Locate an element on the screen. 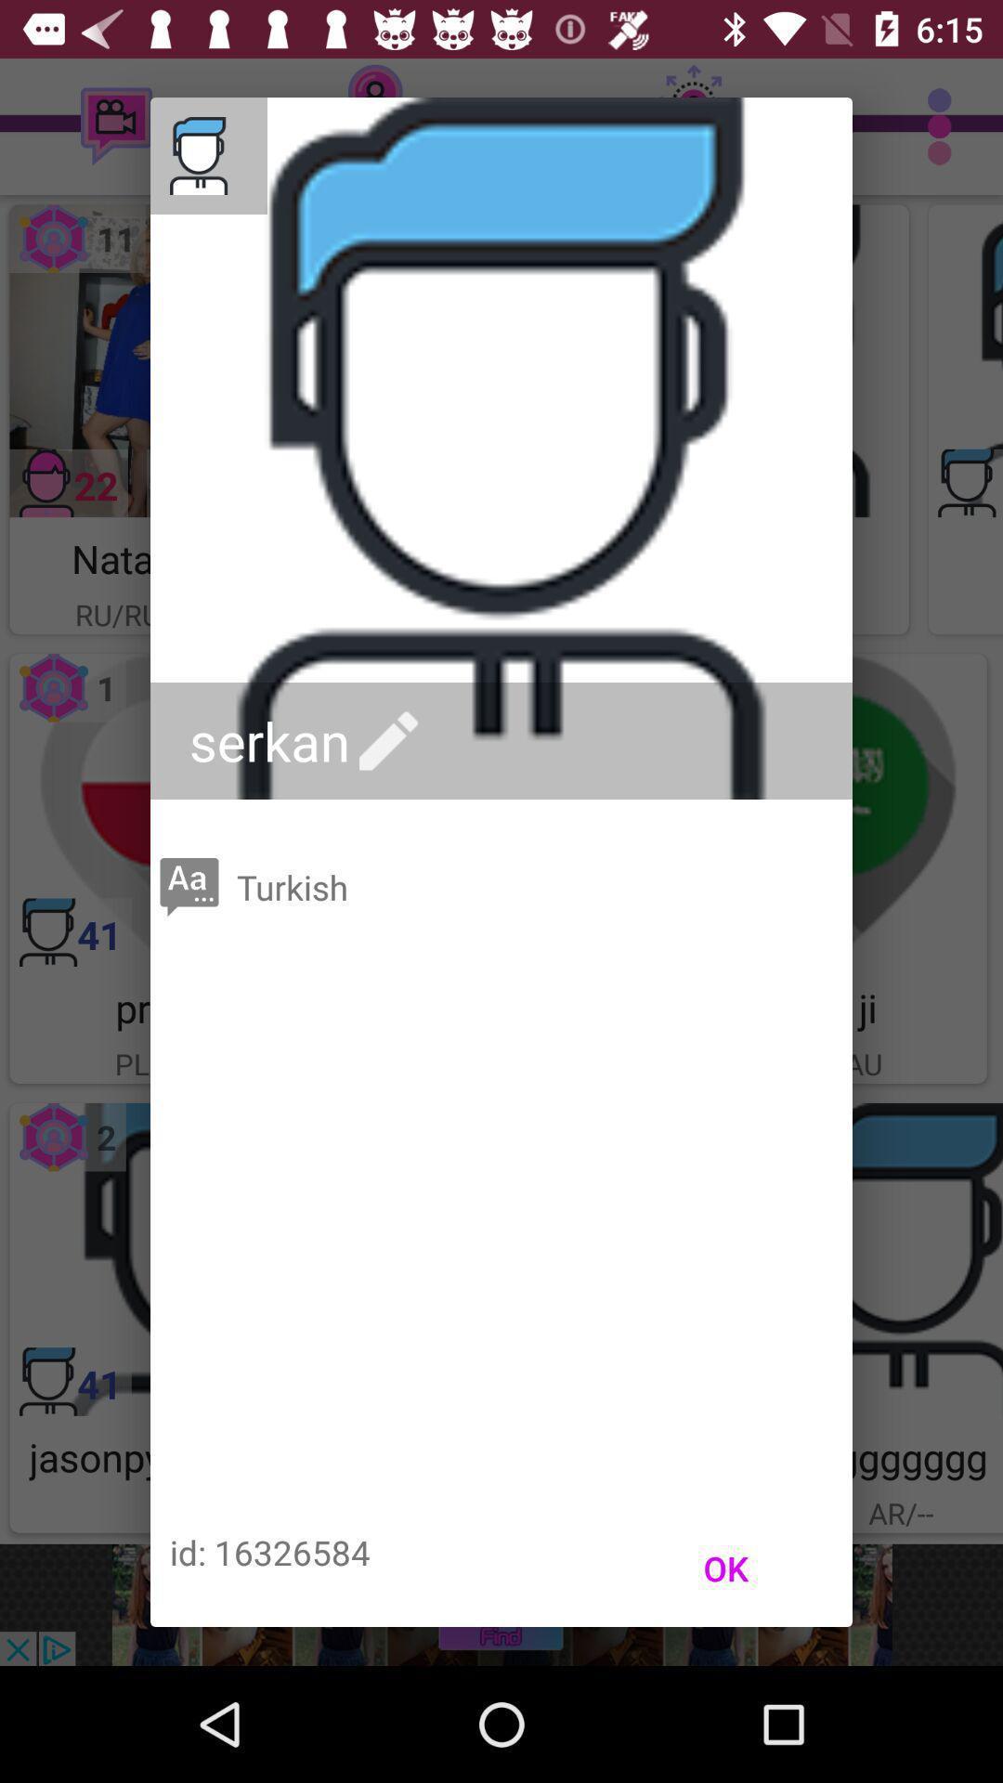  ok icon is located at coordinates (724, 1568).